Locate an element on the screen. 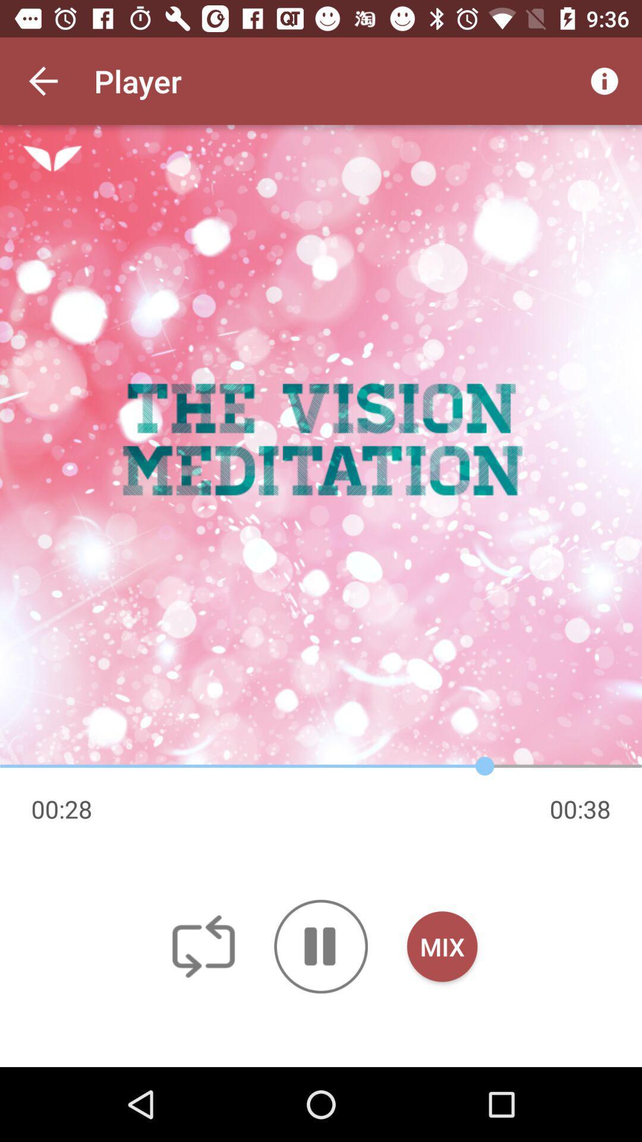 Image resolution: width=642 pixels, height=1142 pixels. app next to player app is located at coordinates (605, 80).